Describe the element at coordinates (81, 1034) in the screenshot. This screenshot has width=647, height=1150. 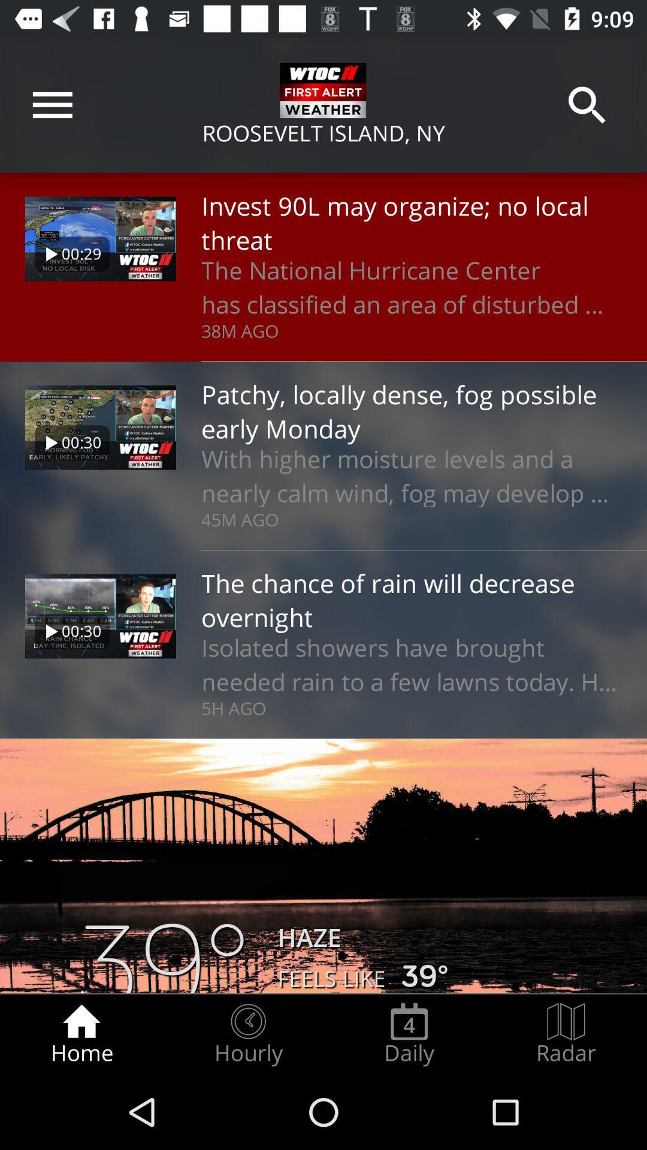
I see `the icon next to hourly item` at that location.